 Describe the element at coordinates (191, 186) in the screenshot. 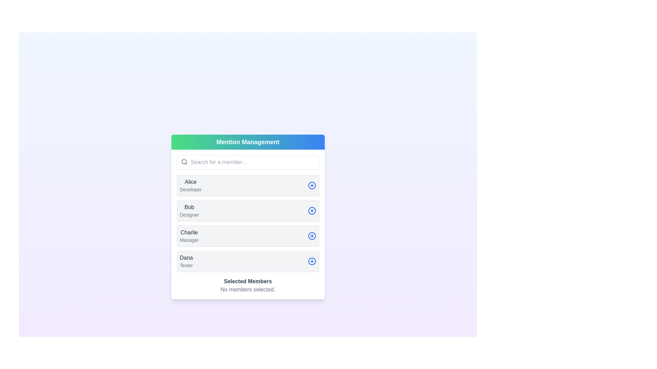

I see `the text label displaying the user's name 'Alice' and their role 'Developer', which is the first item in the user selection interface below the search bar` at that location.